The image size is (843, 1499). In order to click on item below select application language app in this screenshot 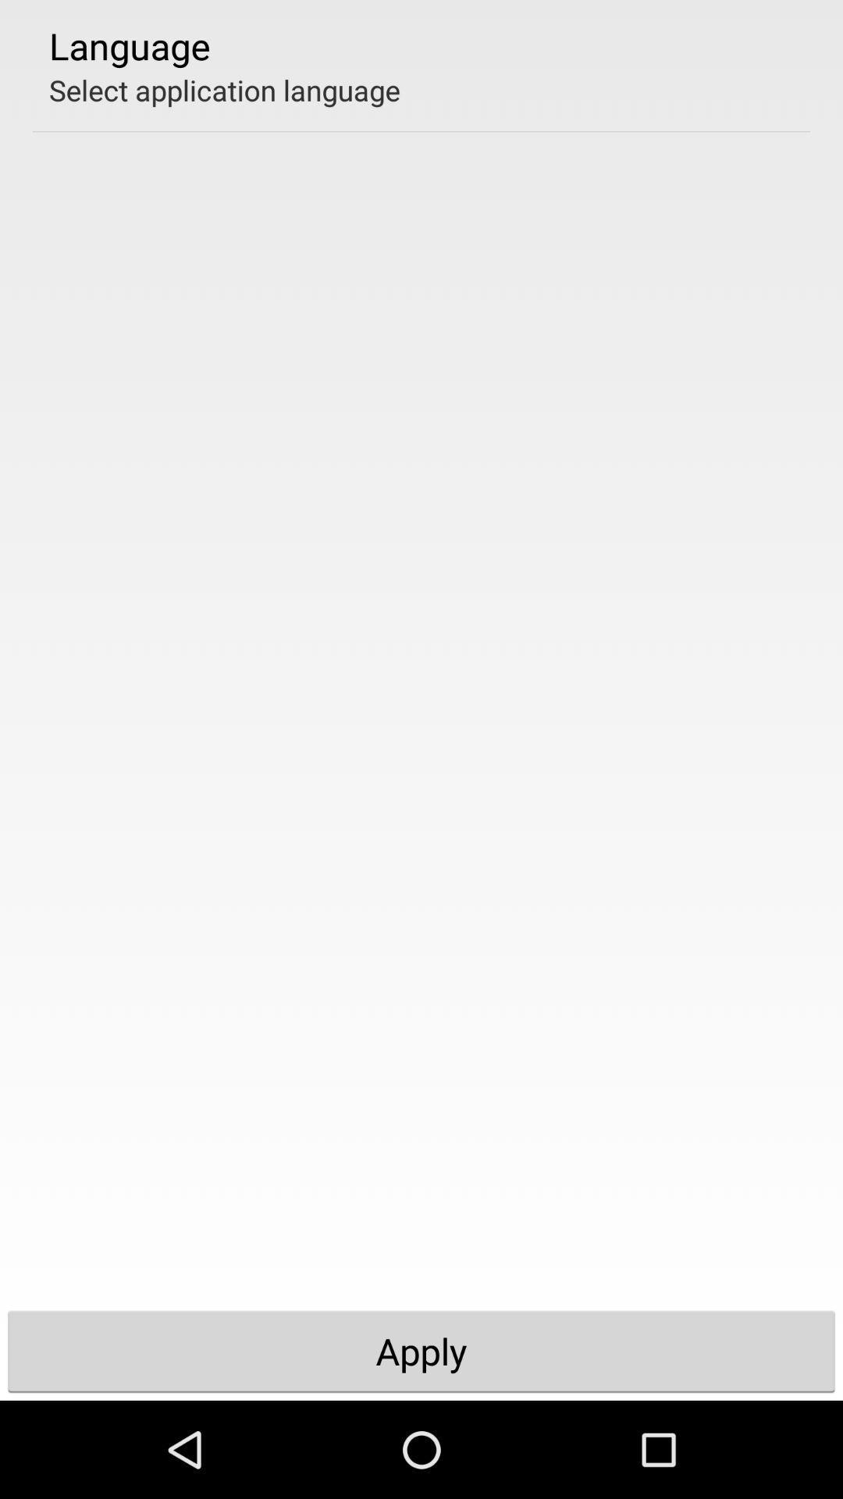, I will do `click(421, 1351)`.